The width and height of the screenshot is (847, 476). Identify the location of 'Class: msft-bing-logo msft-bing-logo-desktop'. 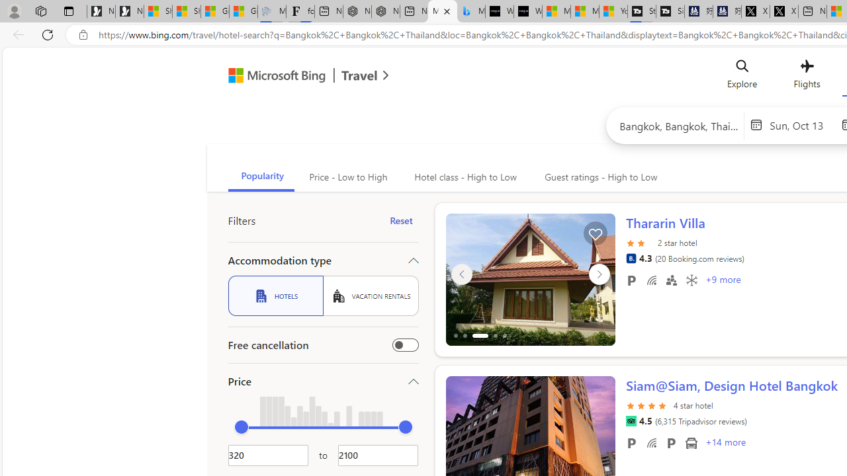
(273, 75).